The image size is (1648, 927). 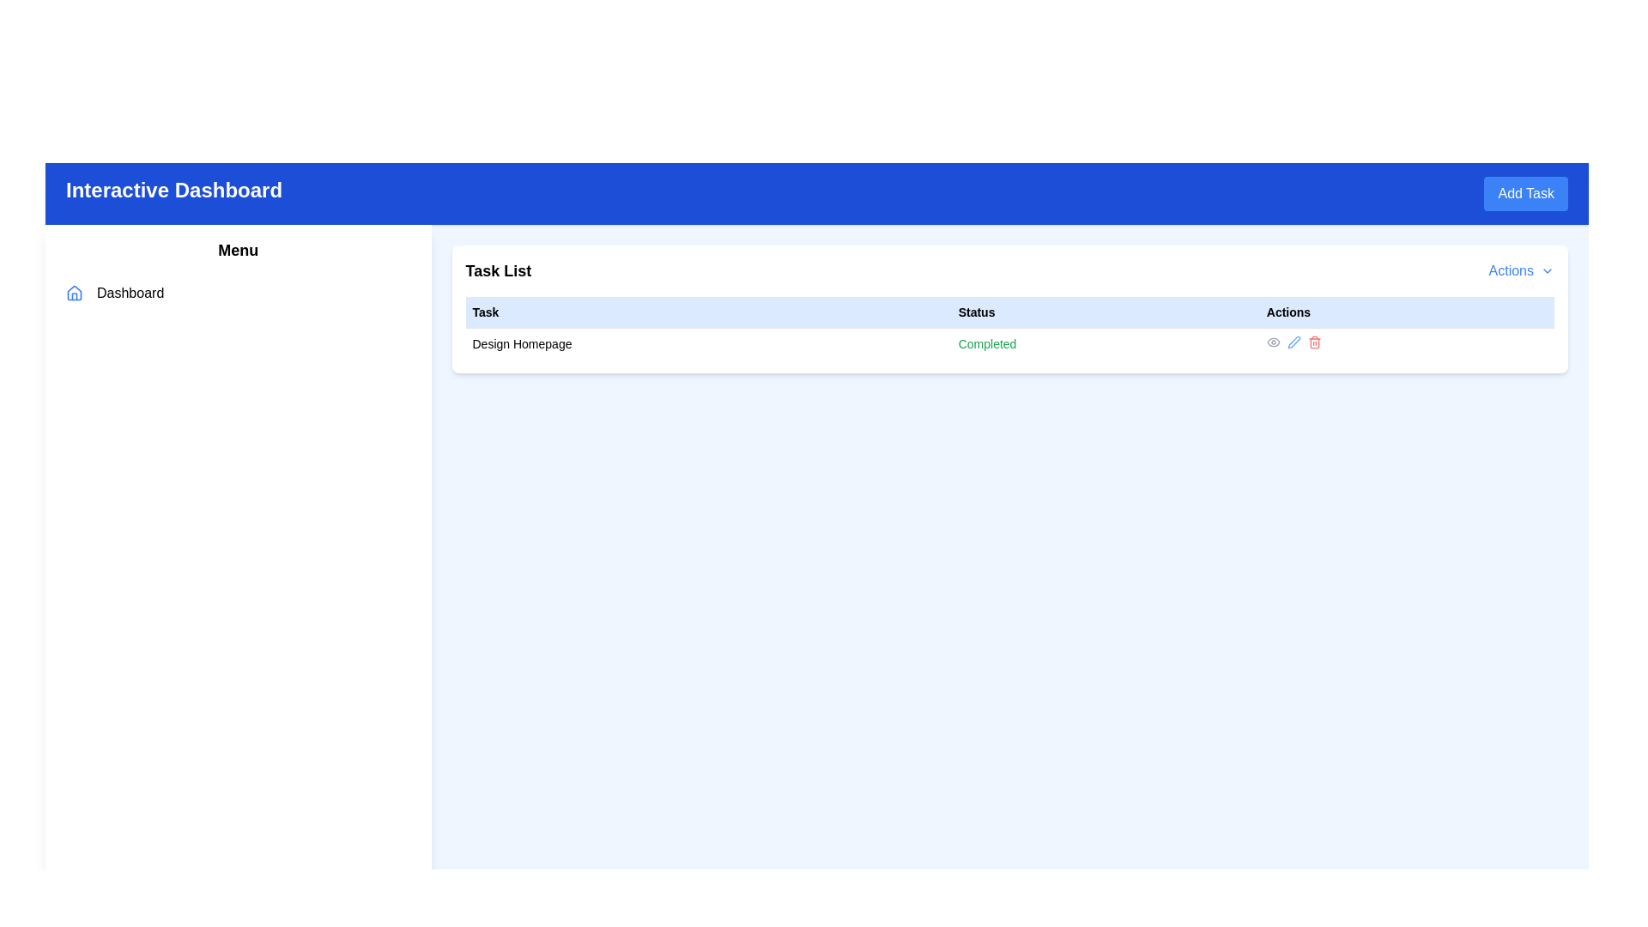 What do you see at coordinates (237, 251) in the screenshot?
I see `the 'Menu' static text element, which is styled in bold and larger font, located at the top of the white sidebar under the blue header` at bounding box center [237, 251].